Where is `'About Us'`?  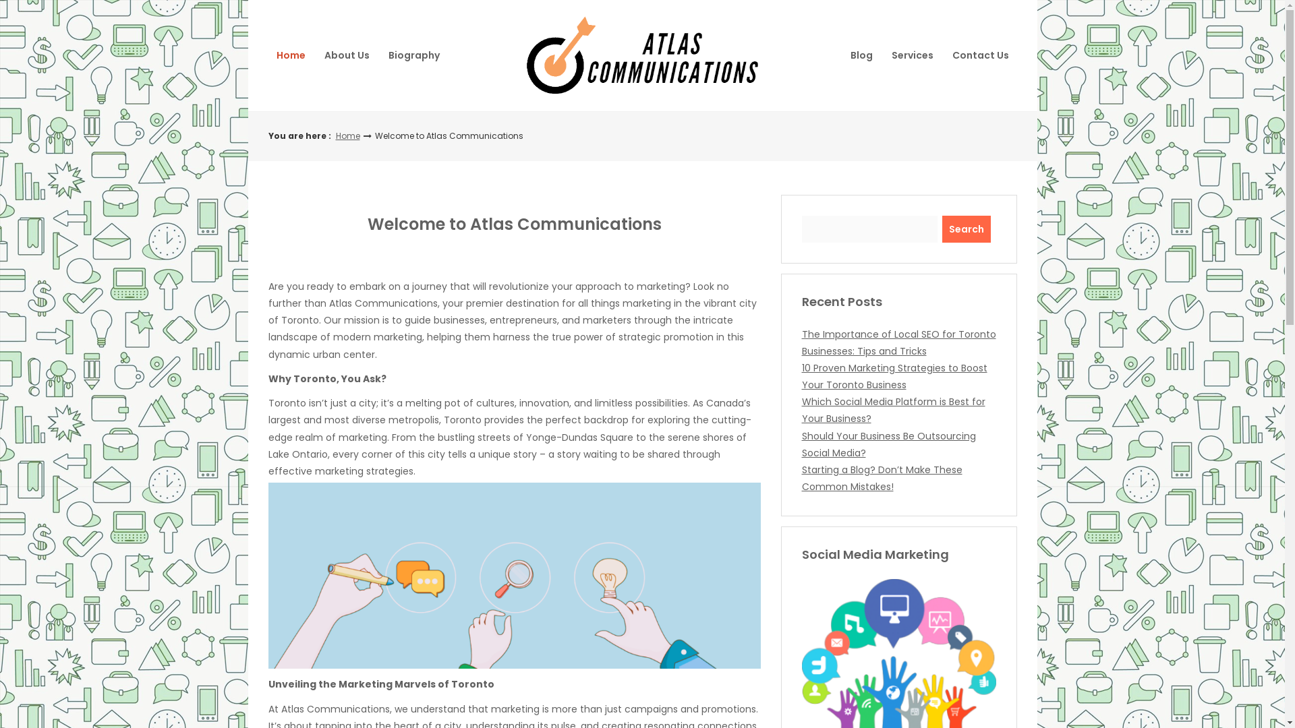
'About Us' is located at coordinates (346, 55).